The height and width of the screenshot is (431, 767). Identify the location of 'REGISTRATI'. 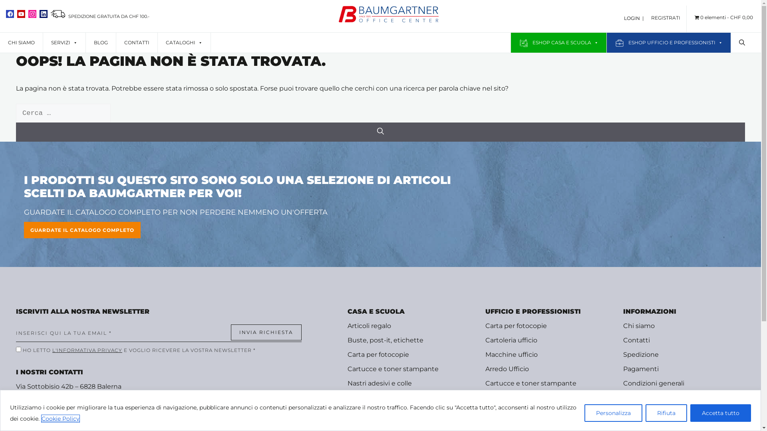
(669, 14).